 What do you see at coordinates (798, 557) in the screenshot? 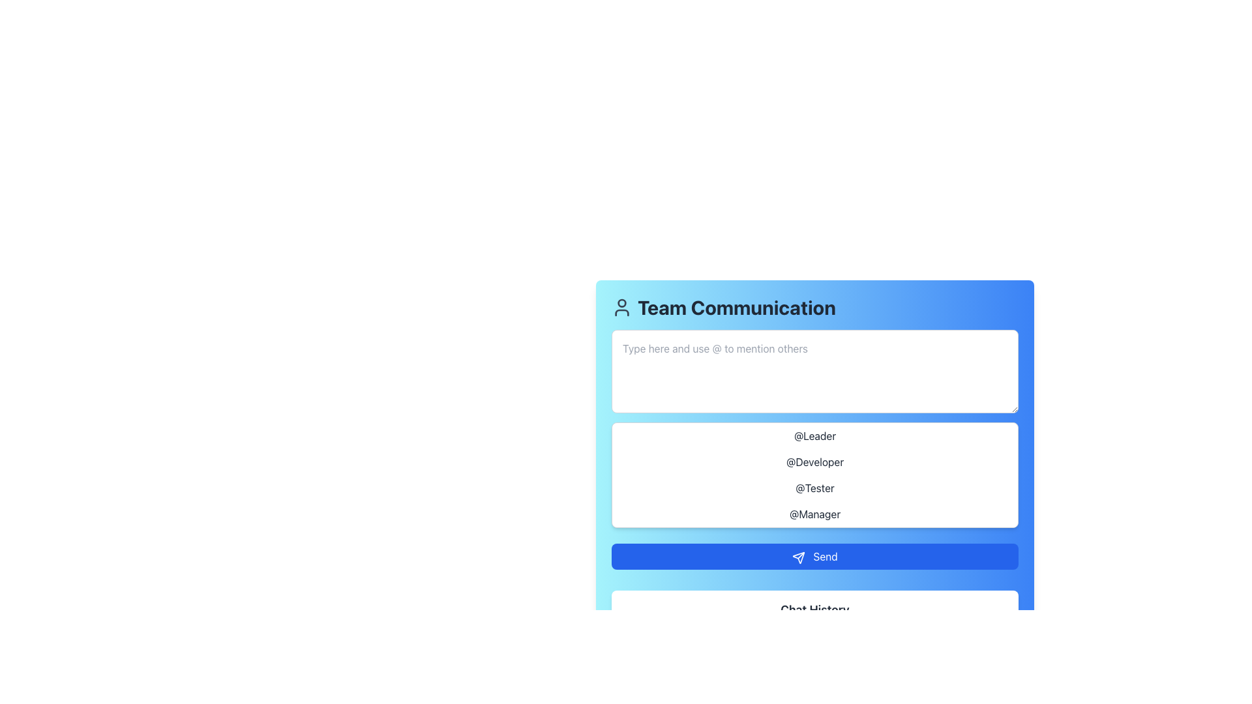
I see `the icon representing the action of sending a message, which is embedded within the 'Send' button and positioned to the left of the button's text` at bounding box center [798, 557].